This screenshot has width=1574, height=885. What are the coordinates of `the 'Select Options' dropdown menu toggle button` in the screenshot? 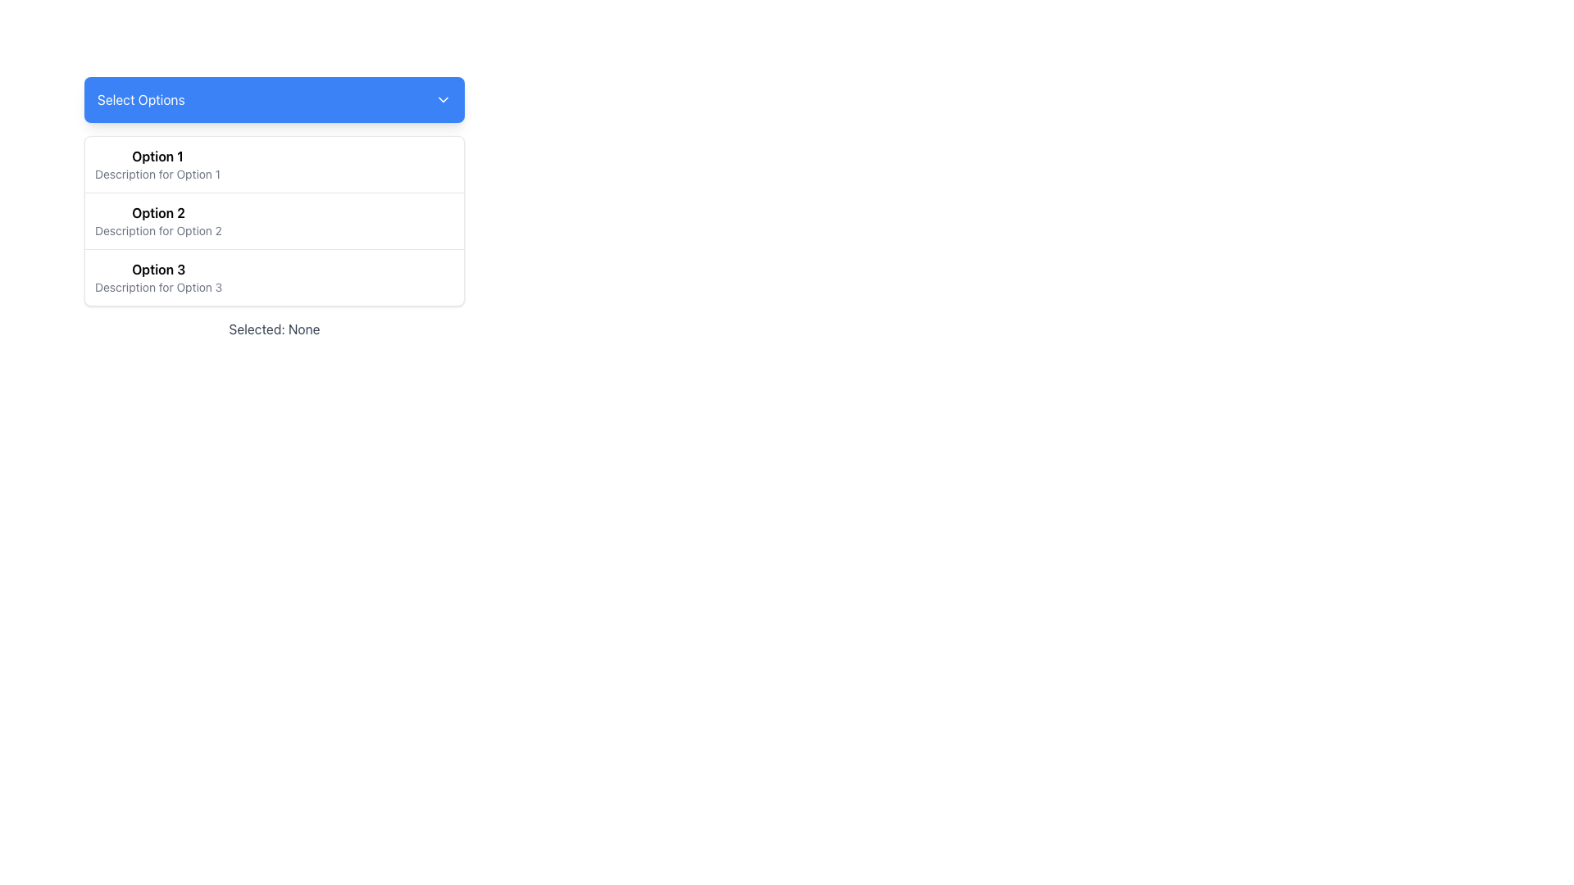 It's located at (275, 100).